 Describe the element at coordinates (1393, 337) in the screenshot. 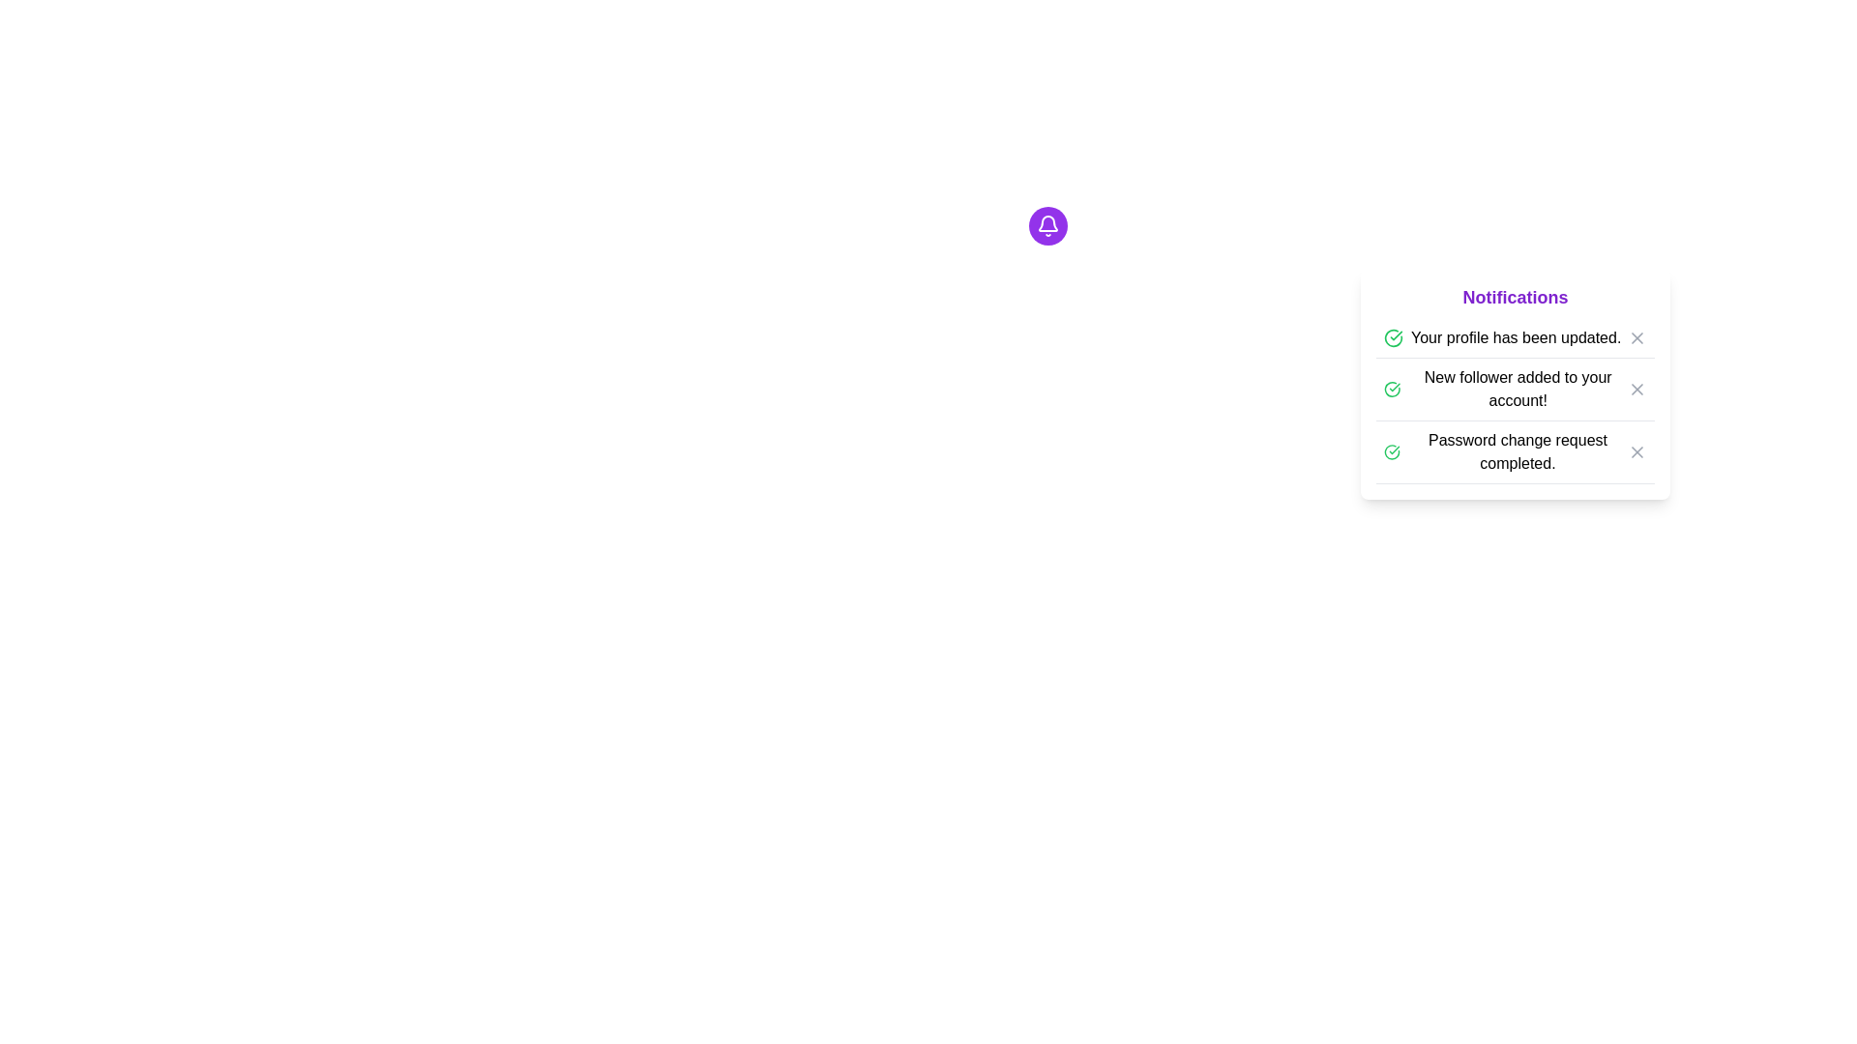

I see `the confirmation icon located to the left of the text 'Your profile has been updated' in the notification box` at that location.